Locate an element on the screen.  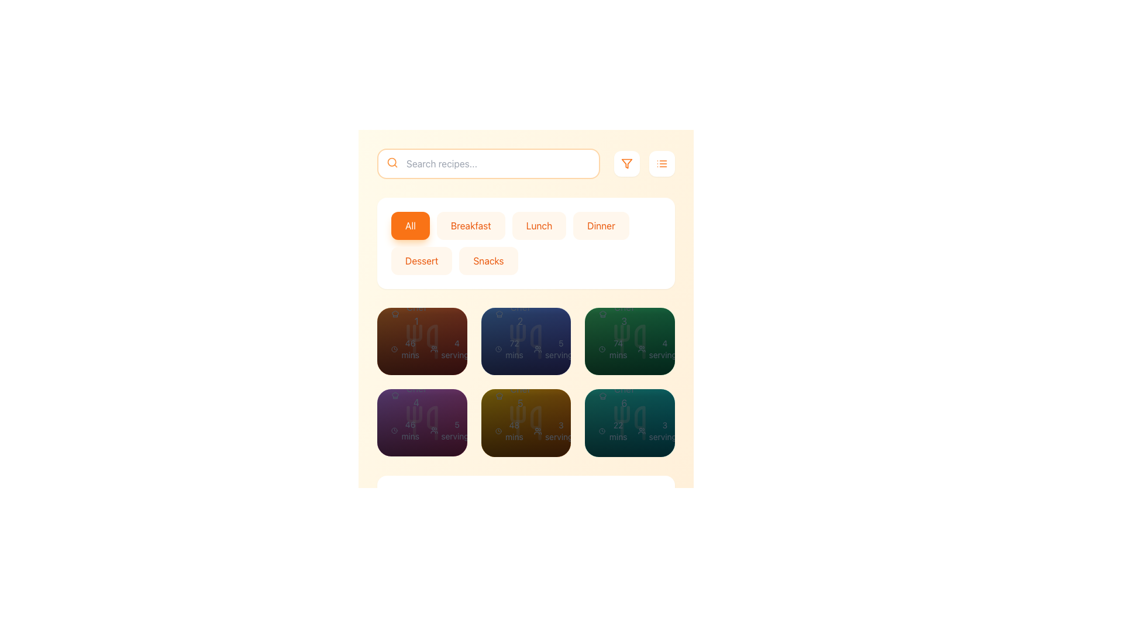
the chef's identifier label located beneath the 'Recipe 1' title in the top-left card of the grid layout is located at coordinates (409, 314).